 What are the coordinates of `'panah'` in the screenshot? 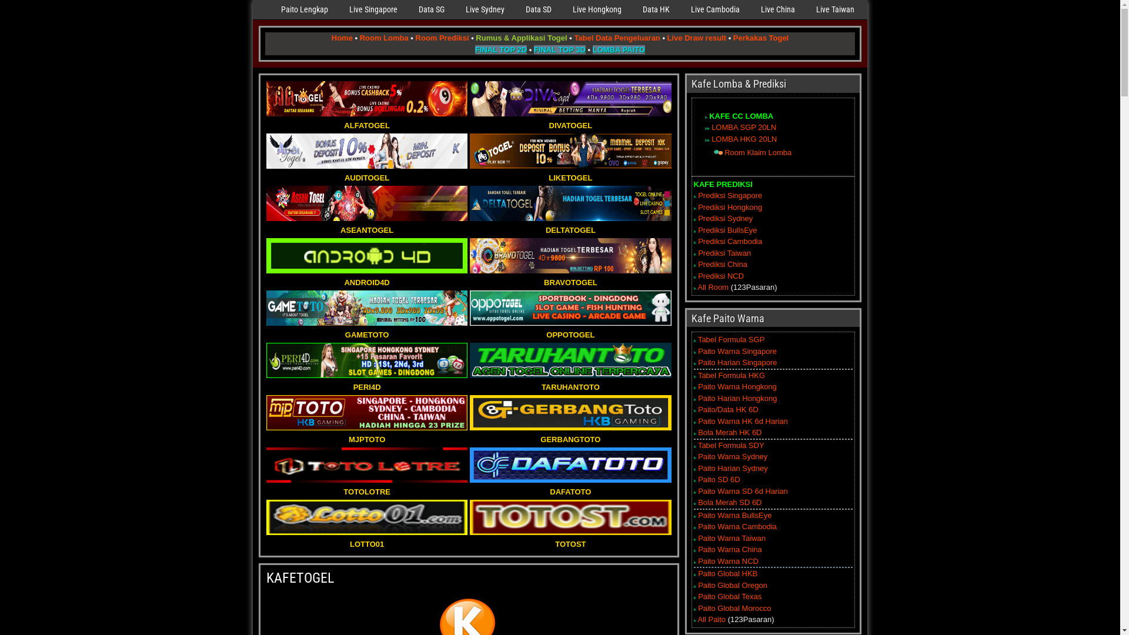 It's located at (707, 128).